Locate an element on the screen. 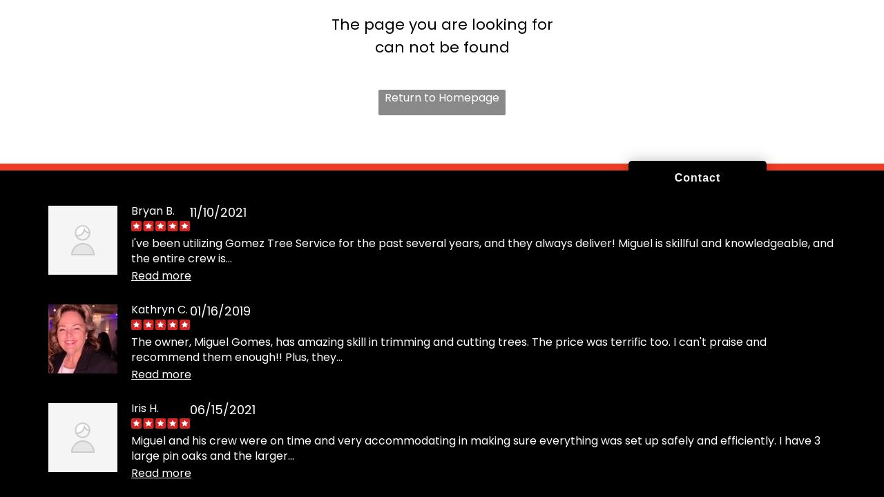  'The owner, Miguel Gomes, has amazing skill in trimming and cutting trees. The price was terrific too. I can't praise and recommend them enough!! Plus, they...' is located at coordinates (448, 348).